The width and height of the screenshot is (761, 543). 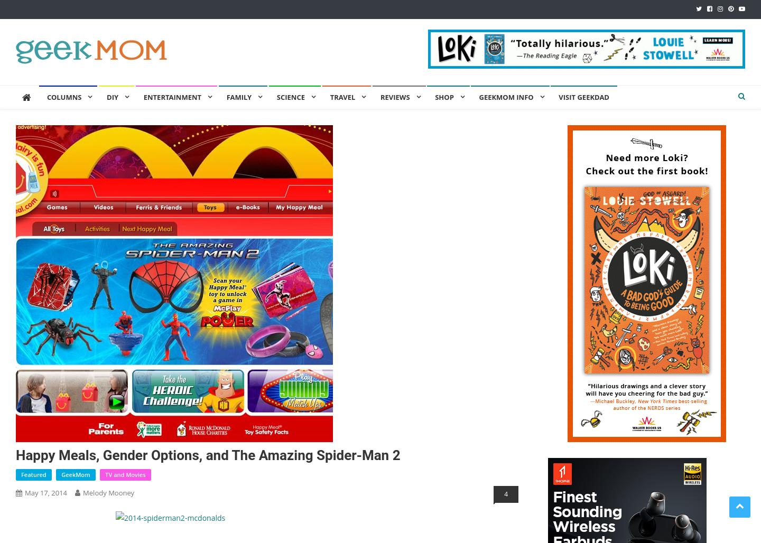 What do you see at coordinates (290, 97) in the screenshot?
I see `'Science'` at bounding box center [290, 97].